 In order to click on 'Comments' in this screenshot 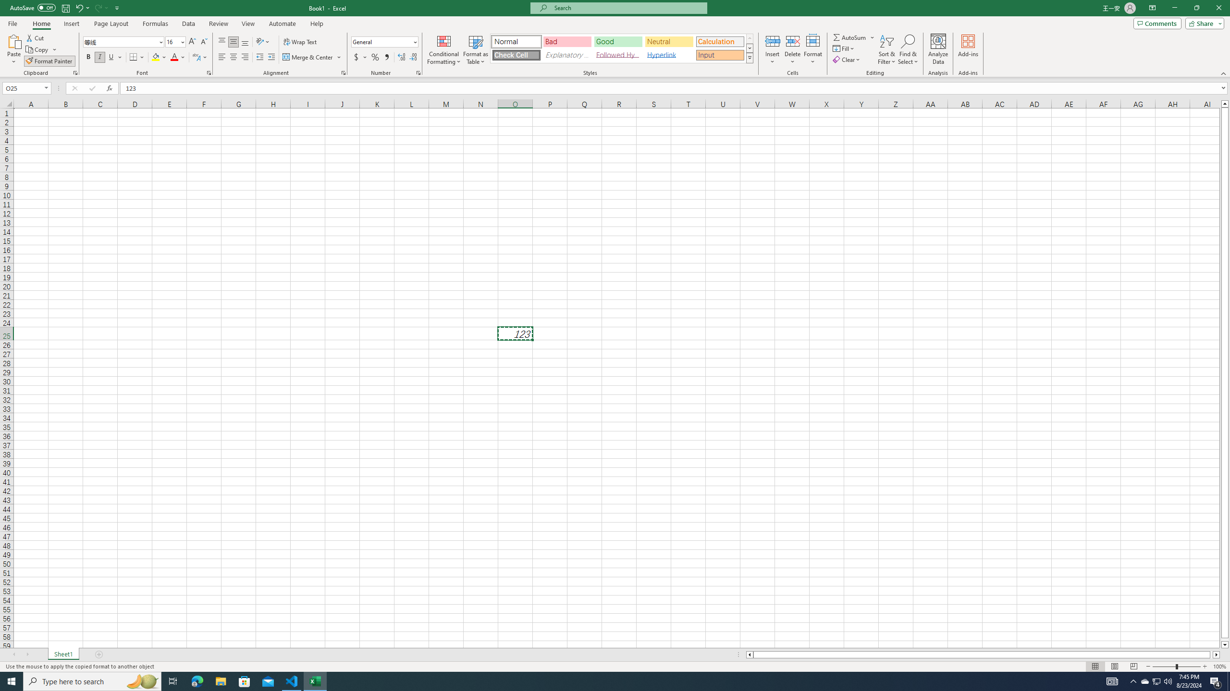, I will do `click(1157, 23)`.